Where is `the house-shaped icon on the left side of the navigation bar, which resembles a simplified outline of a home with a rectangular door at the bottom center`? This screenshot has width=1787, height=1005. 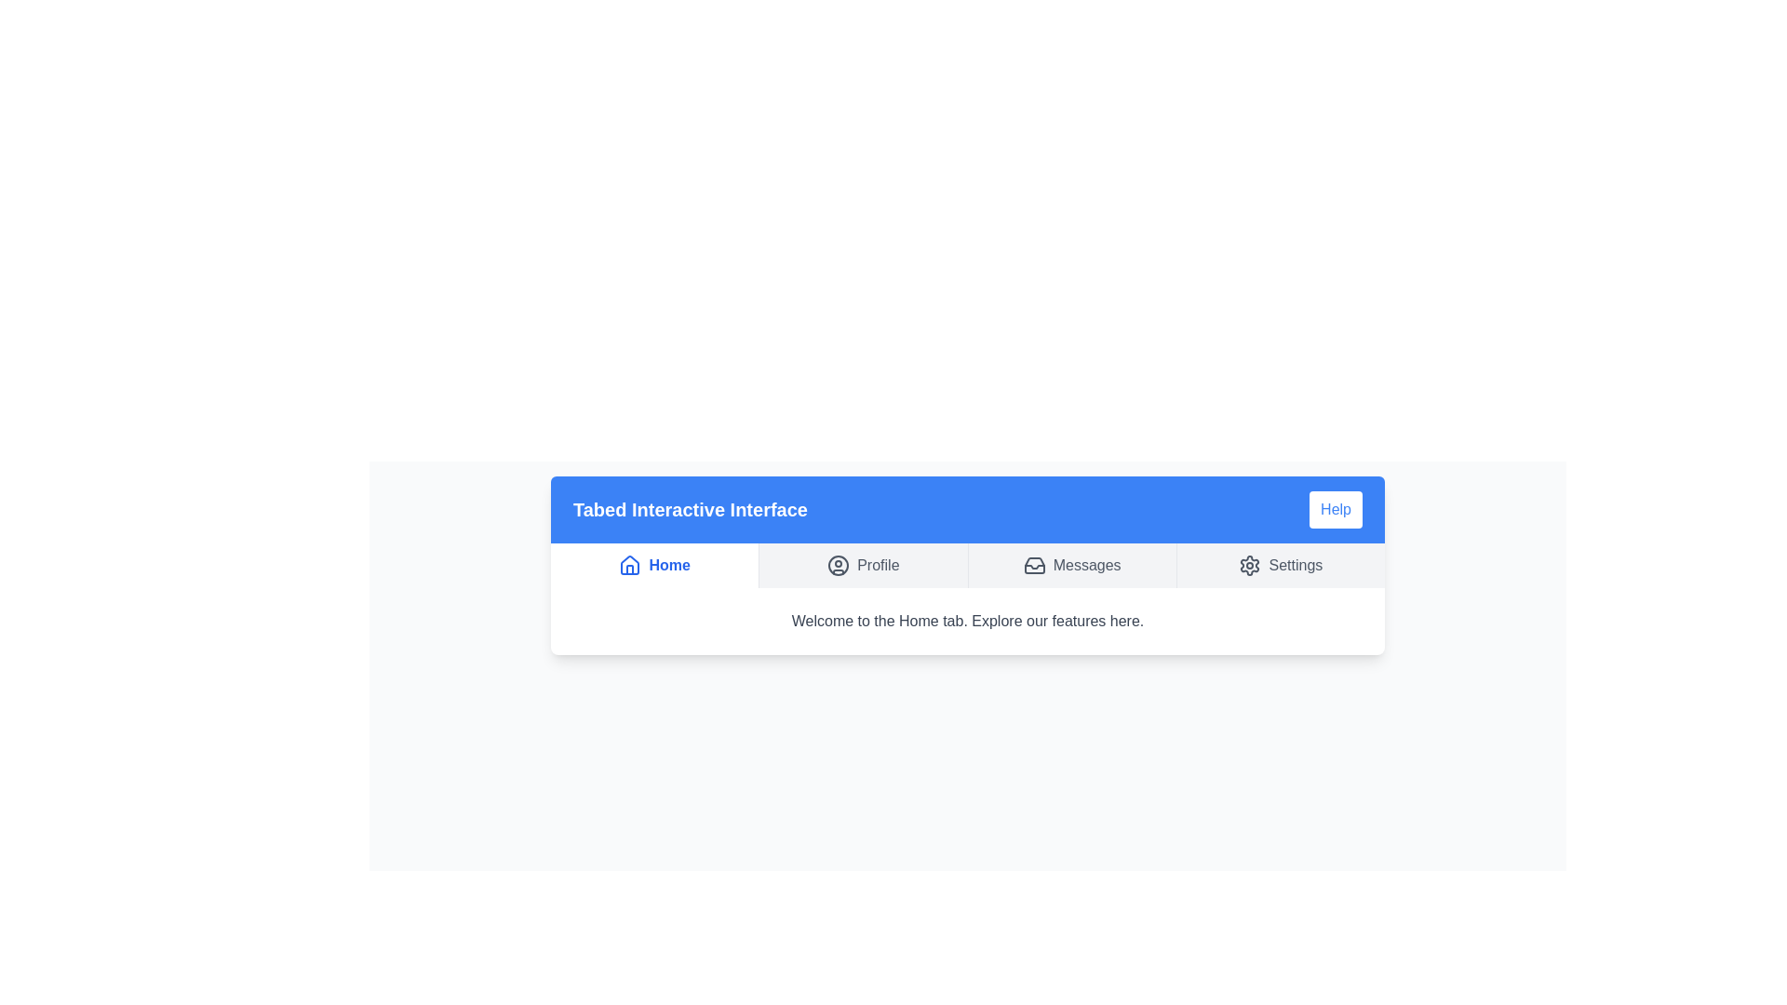 the house-shaped icon on the left side of the navigation bar, which resembles a simplified outline of a home with a rectangular door at the bottom center is located at coordinates (630, 565).